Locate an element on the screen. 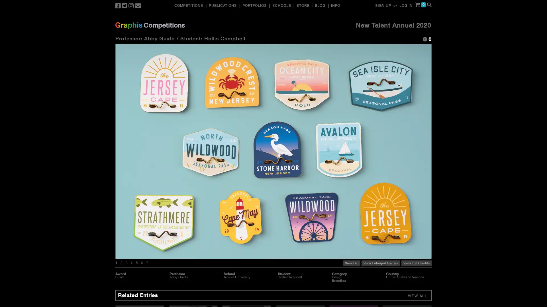 This screenshot has height=307, width=547. Previous is located at coordinates (162, 151).